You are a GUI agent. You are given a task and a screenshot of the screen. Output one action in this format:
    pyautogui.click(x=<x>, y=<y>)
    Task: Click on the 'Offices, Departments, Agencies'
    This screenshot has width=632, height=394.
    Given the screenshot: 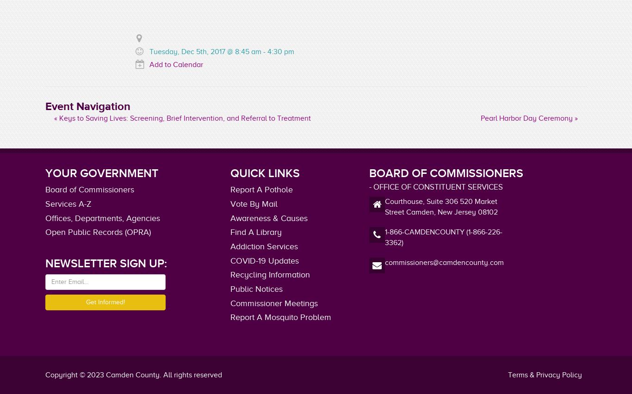 What is the action you would take?
    pyautogui.click(x=102, y=217)
    